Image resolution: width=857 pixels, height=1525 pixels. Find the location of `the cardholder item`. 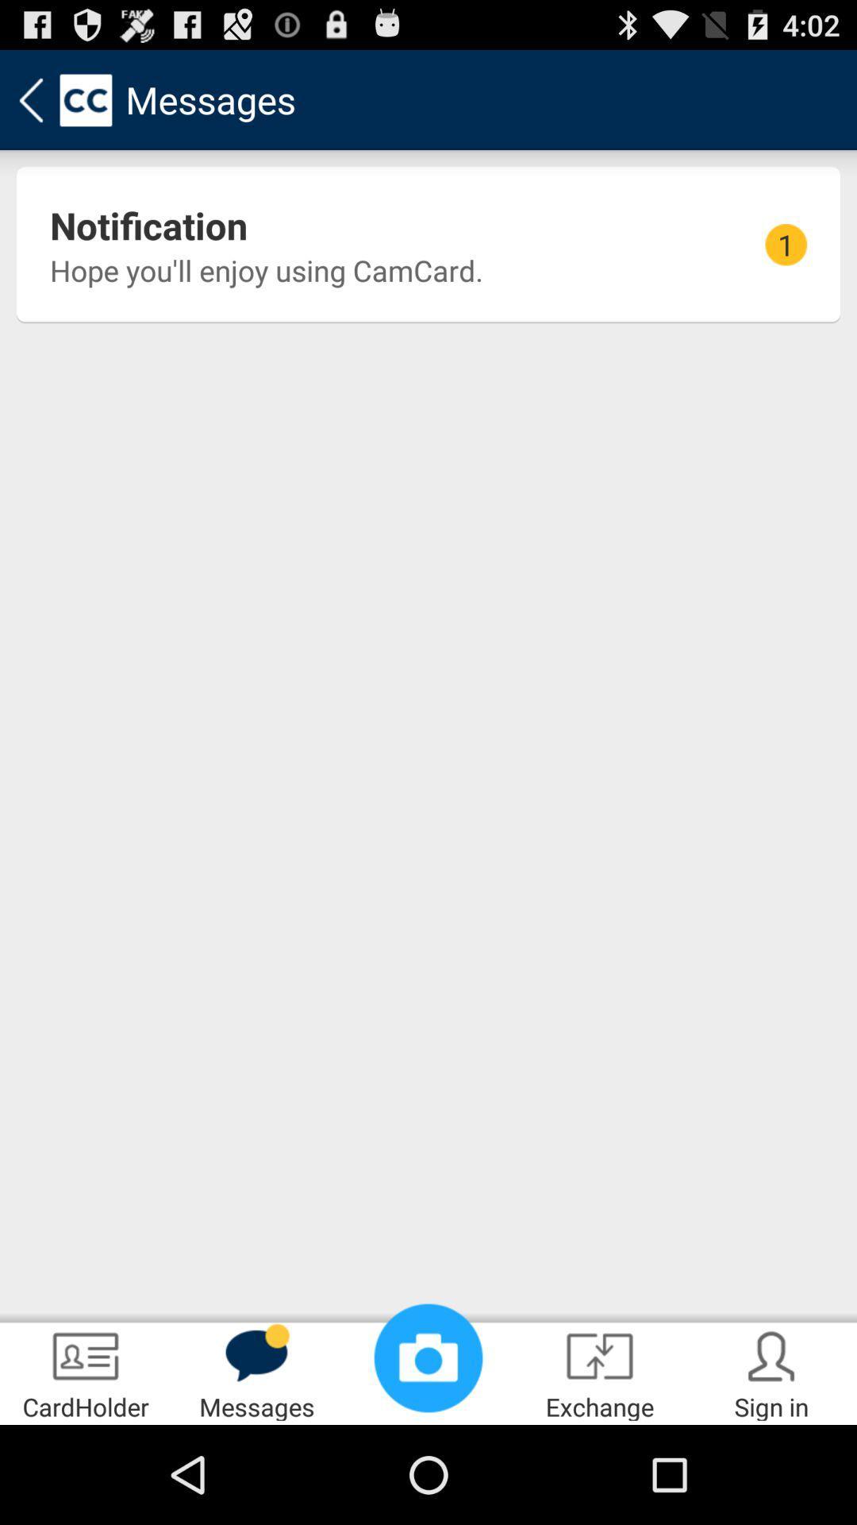

the cardholder item is located at coordinates (86, 1371).